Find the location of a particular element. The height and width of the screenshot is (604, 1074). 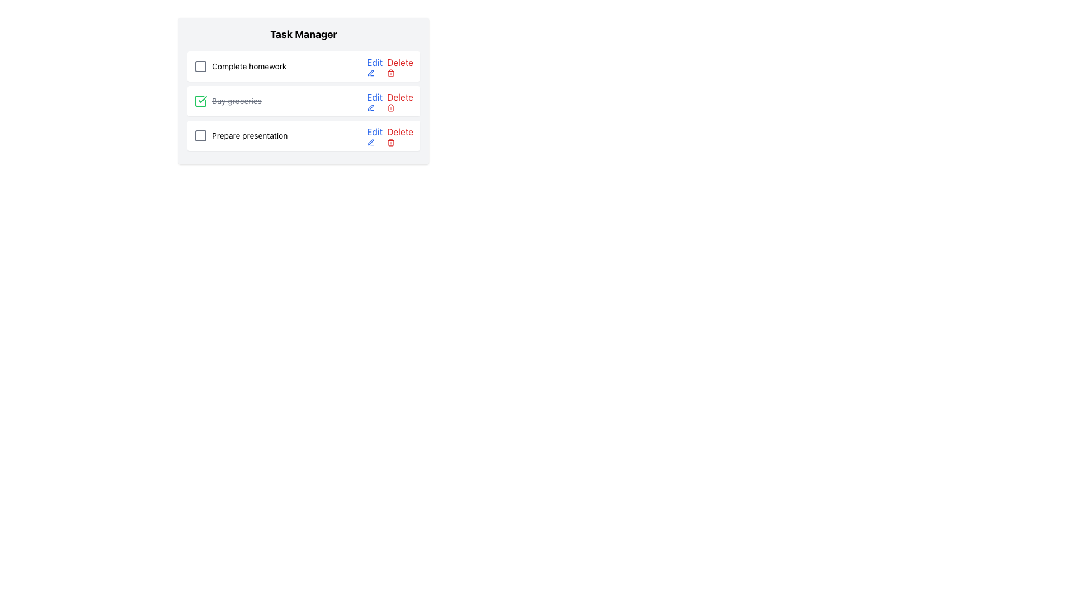

the SVG graphical icon representing a checkbox placeholder is located at coordinates (201, 67).